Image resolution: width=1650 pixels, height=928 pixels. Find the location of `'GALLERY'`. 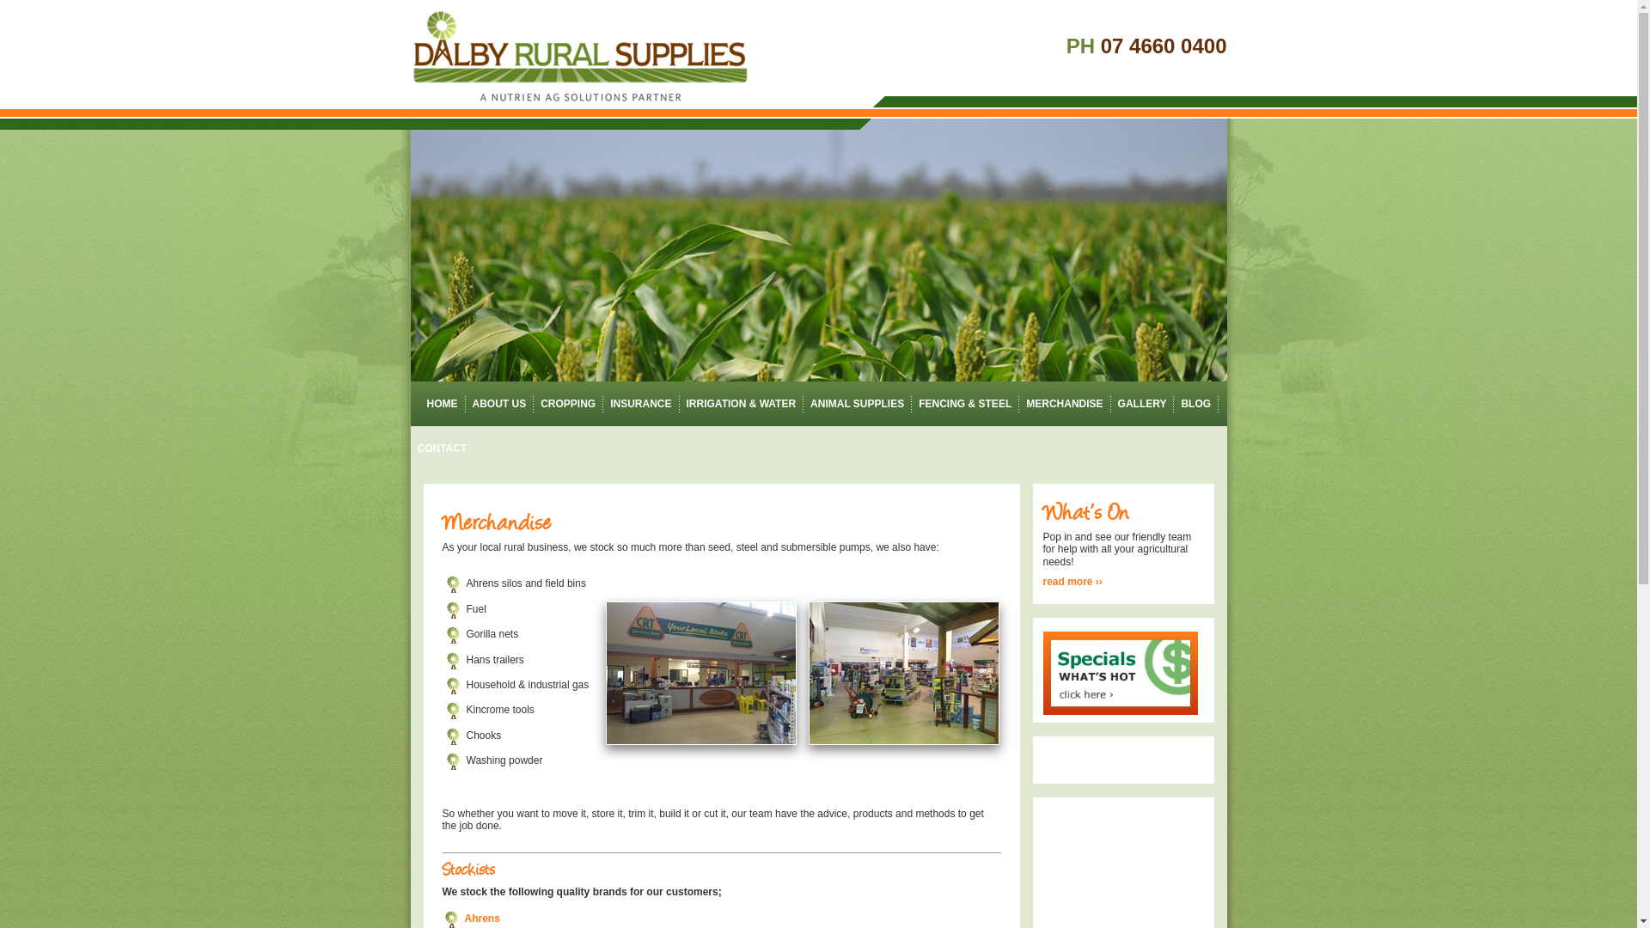

'GALLERY' is located at coordinates (1142, 404).